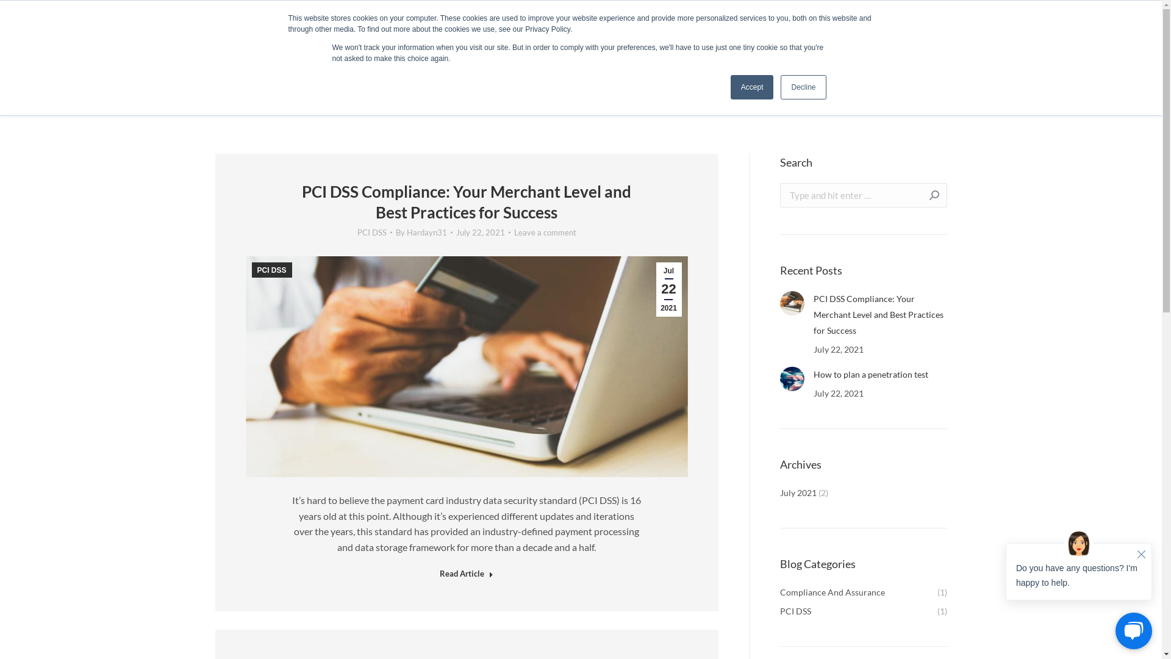 Image resolution: width=1171 pixels, height=659 pixels. Describe the element at coordinates (731, 86) in the screenshot. I see `'Accept'` at that location.